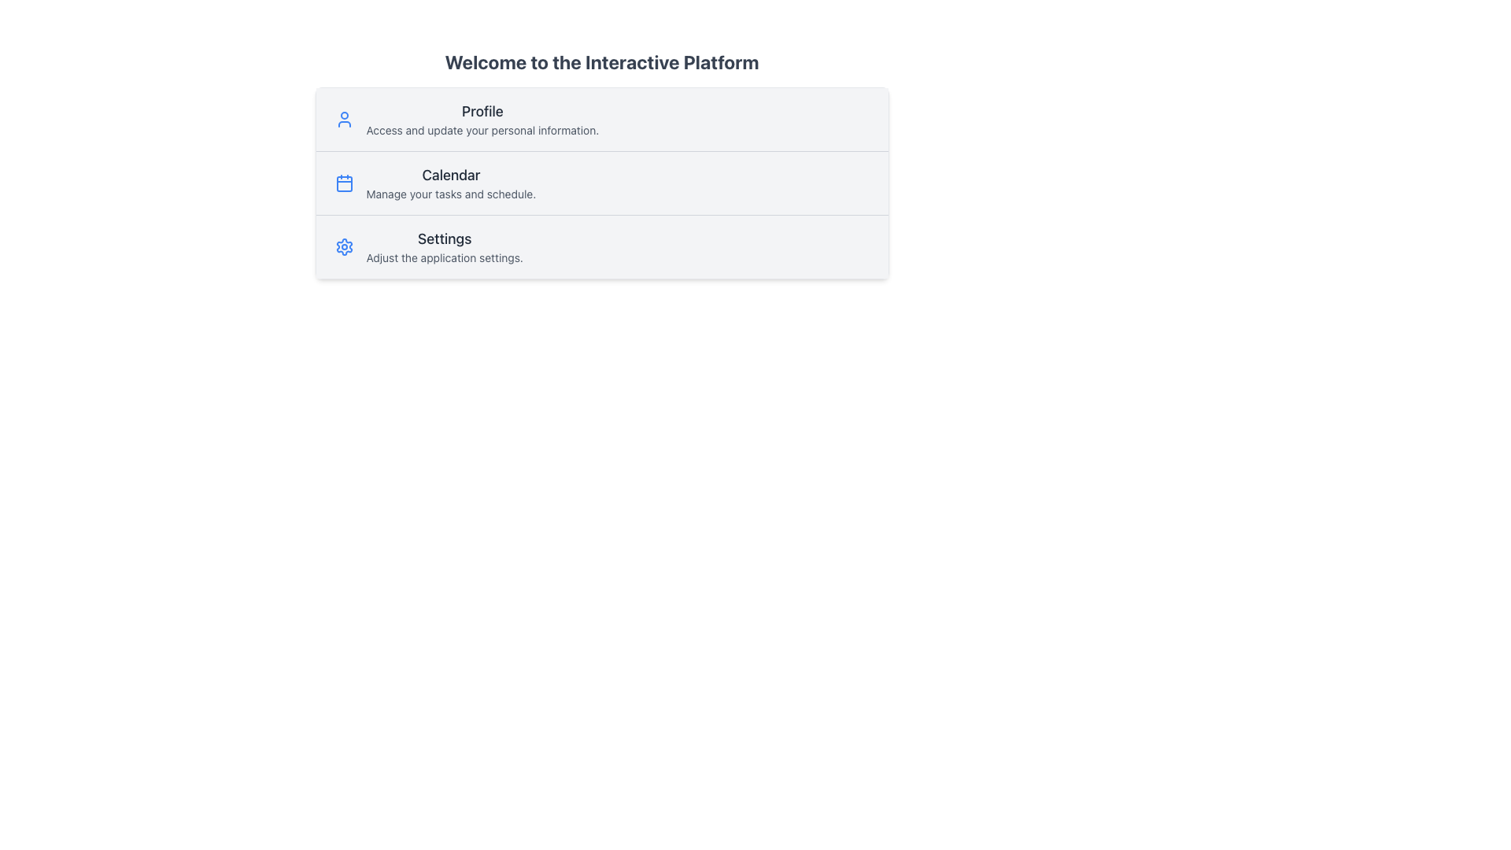 This screenshot has width=1511, height=850. Describe the element at coordinates (343, 246) in the screenshot. I see `the 'settings' gear icon located to the left of the 'Settings' text` at that location.